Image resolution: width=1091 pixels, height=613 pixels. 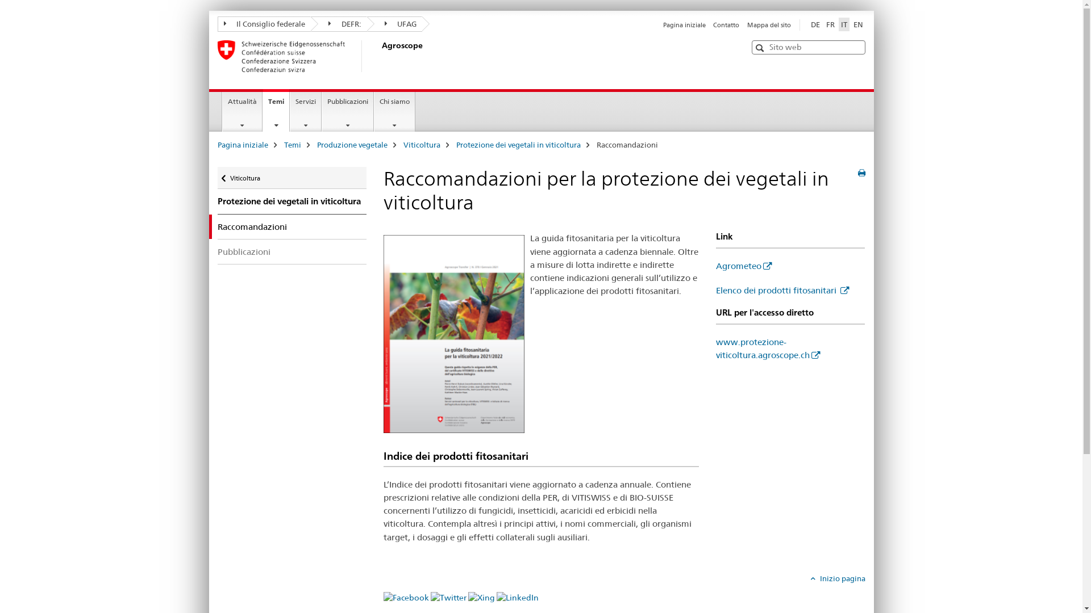 I want to click on 'www.protezione-viticoltura.agroscope.ch', so click(x=768, y=347).